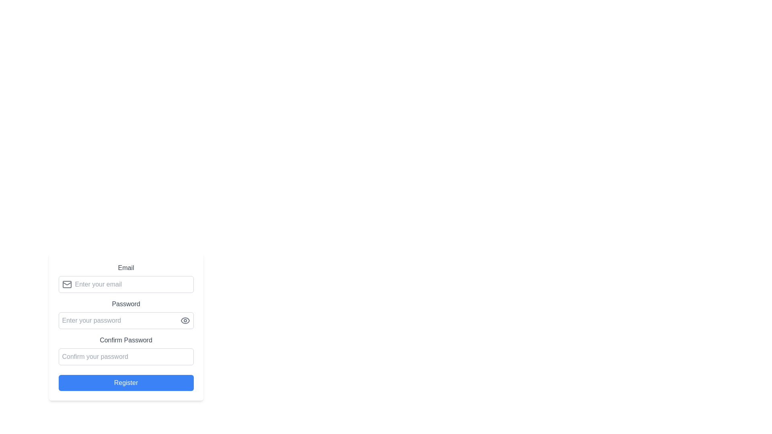 The width and height of the screenshot is (772, 434). I want to click on the Form Input Section for email entry by using the tab key, so click(125, 277).